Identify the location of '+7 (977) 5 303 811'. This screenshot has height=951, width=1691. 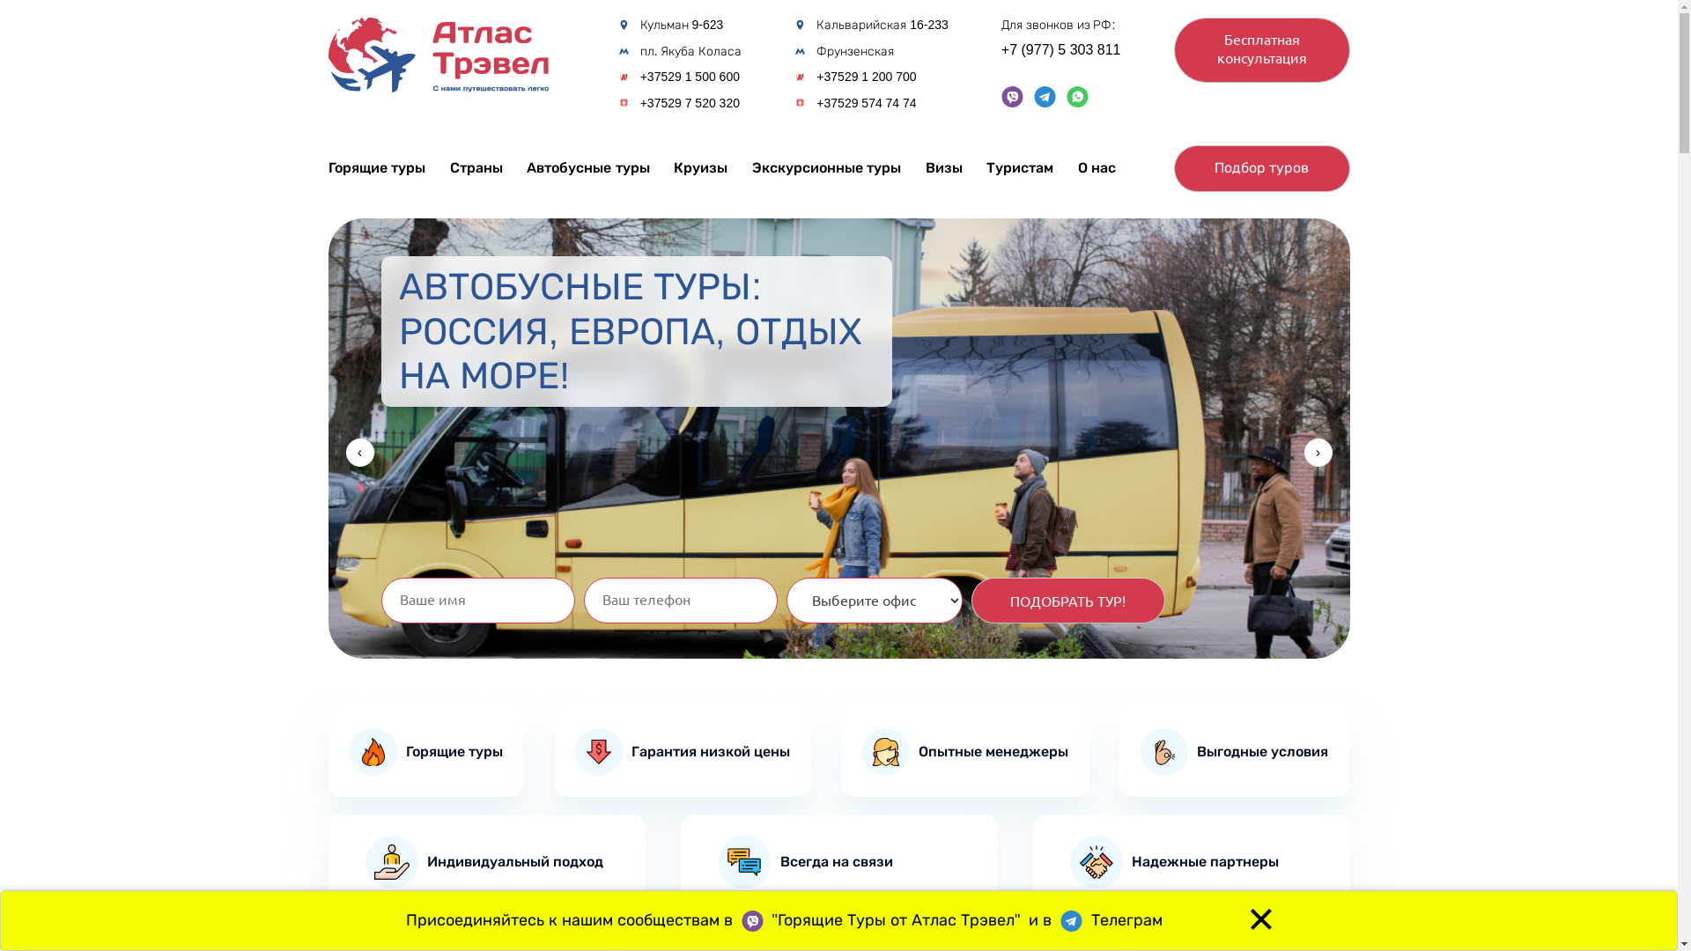
(1001, 49).